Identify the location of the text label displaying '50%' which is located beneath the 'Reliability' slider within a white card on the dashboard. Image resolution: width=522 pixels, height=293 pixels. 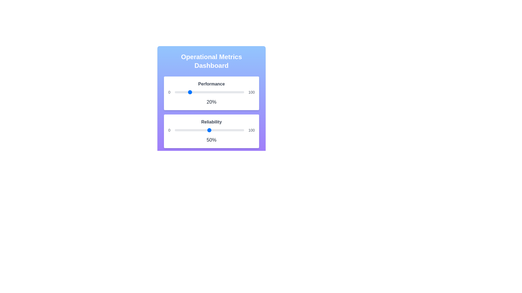
(211, 140).